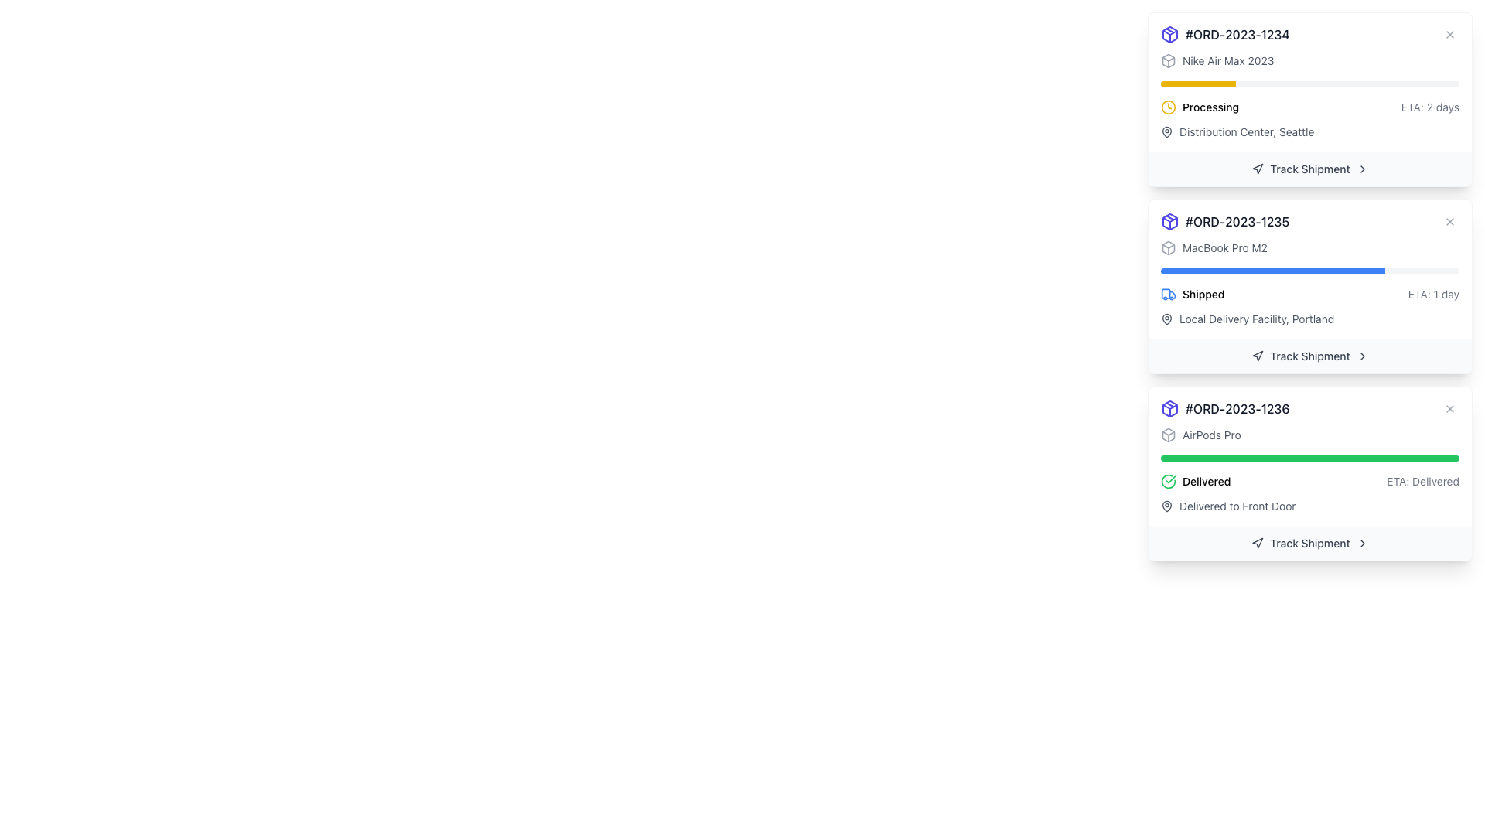  Describe the element at coordinates (1309, 271) in the screenshot. I see `properties of the progress bar indicating shipment progress for order #ORD-2023-1235, located below 'MacBook Pro M2' and above 'Shipped'` at that location.